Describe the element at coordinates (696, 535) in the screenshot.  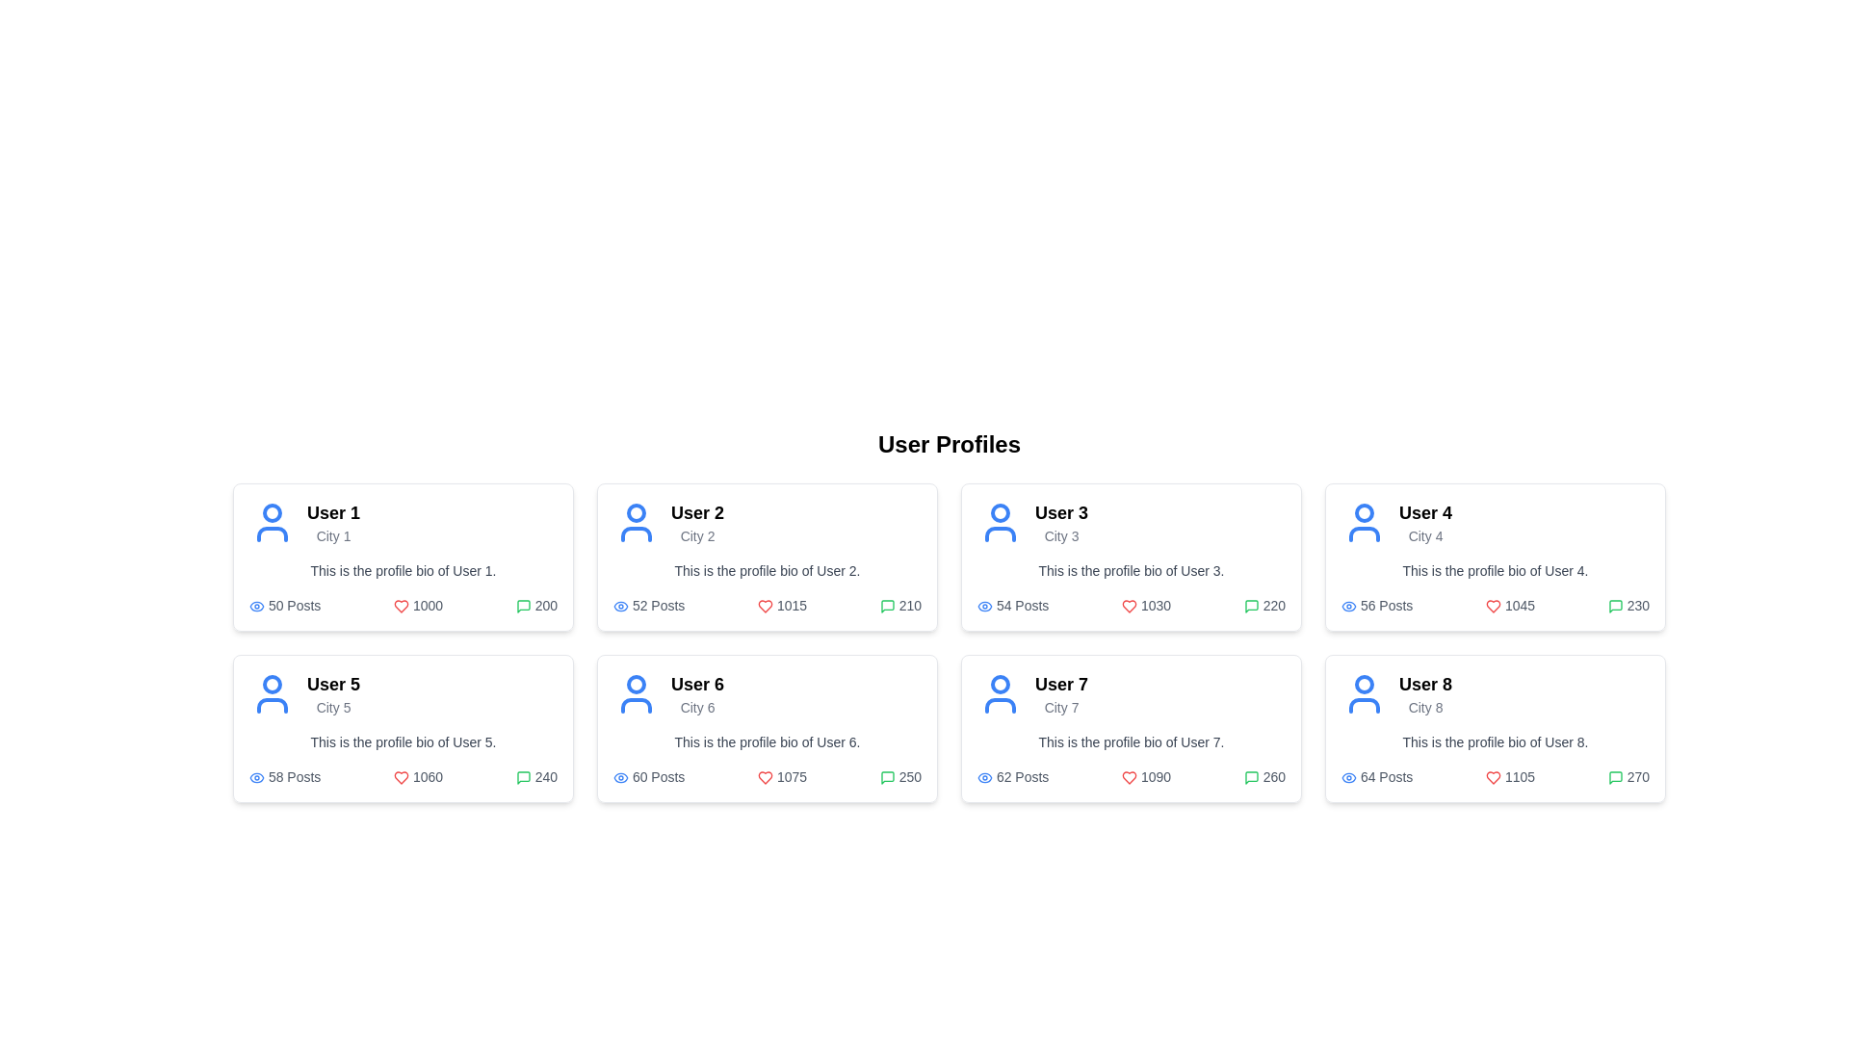
I see `the Text label displaying the city for 'User 2', located below the header 'User 2' and above the profile description` at that location.